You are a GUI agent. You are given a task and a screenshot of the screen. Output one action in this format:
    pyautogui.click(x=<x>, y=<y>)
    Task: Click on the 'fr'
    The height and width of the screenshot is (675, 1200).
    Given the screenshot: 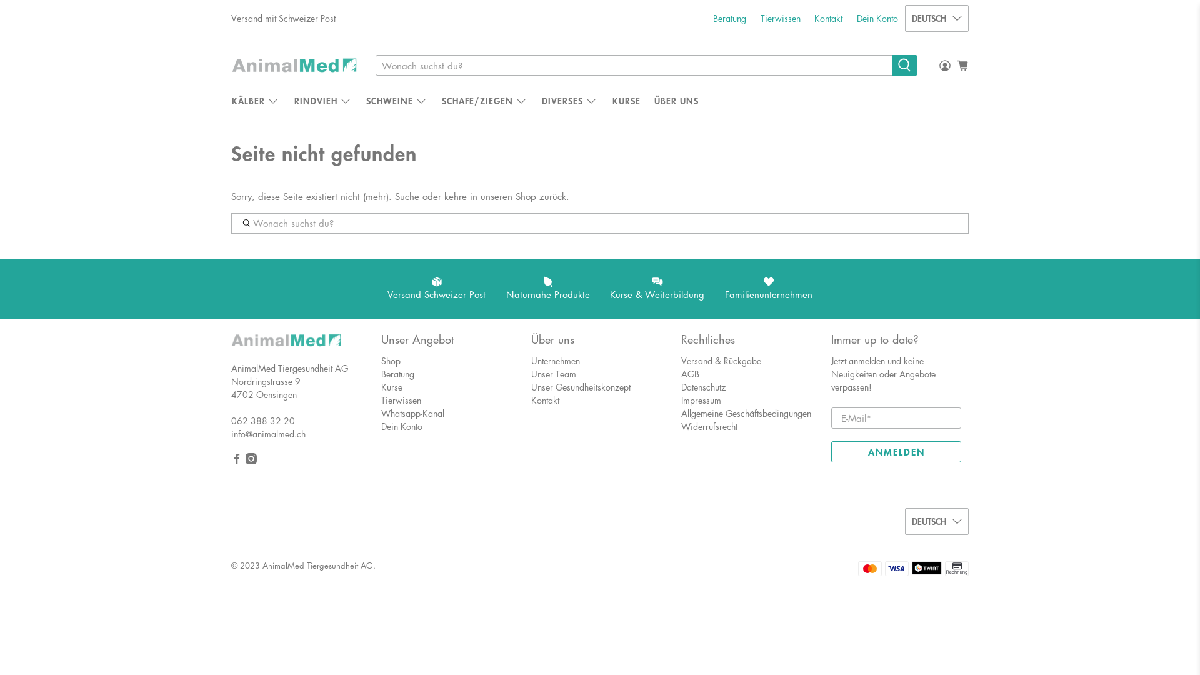 What is the action you would take?
    pyautogui.click(x=936, y=74)
    